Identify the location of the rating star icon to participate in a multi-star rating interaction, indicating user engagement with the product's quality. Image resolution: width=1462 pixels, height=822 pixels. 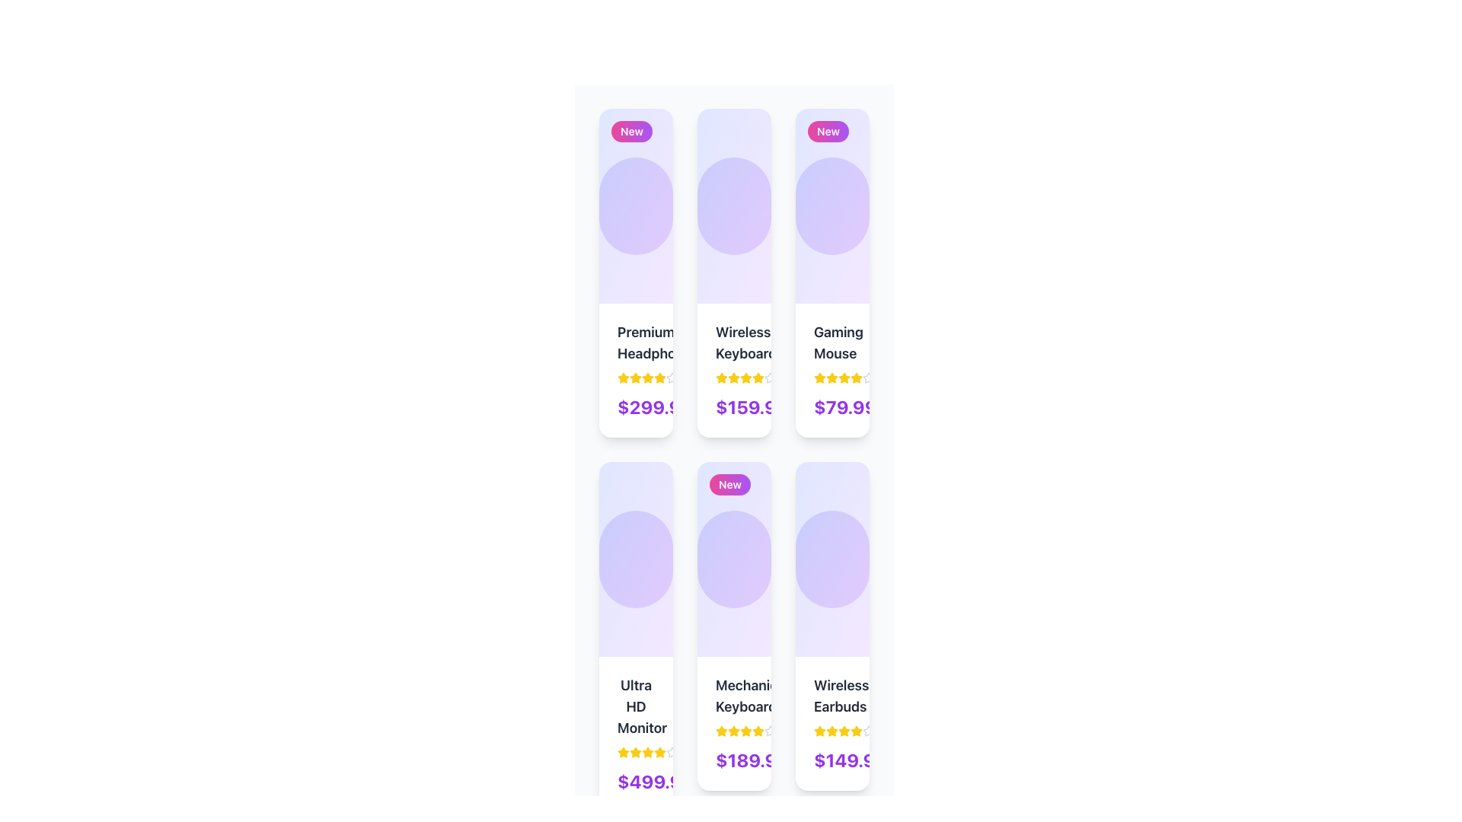
(622, 750).